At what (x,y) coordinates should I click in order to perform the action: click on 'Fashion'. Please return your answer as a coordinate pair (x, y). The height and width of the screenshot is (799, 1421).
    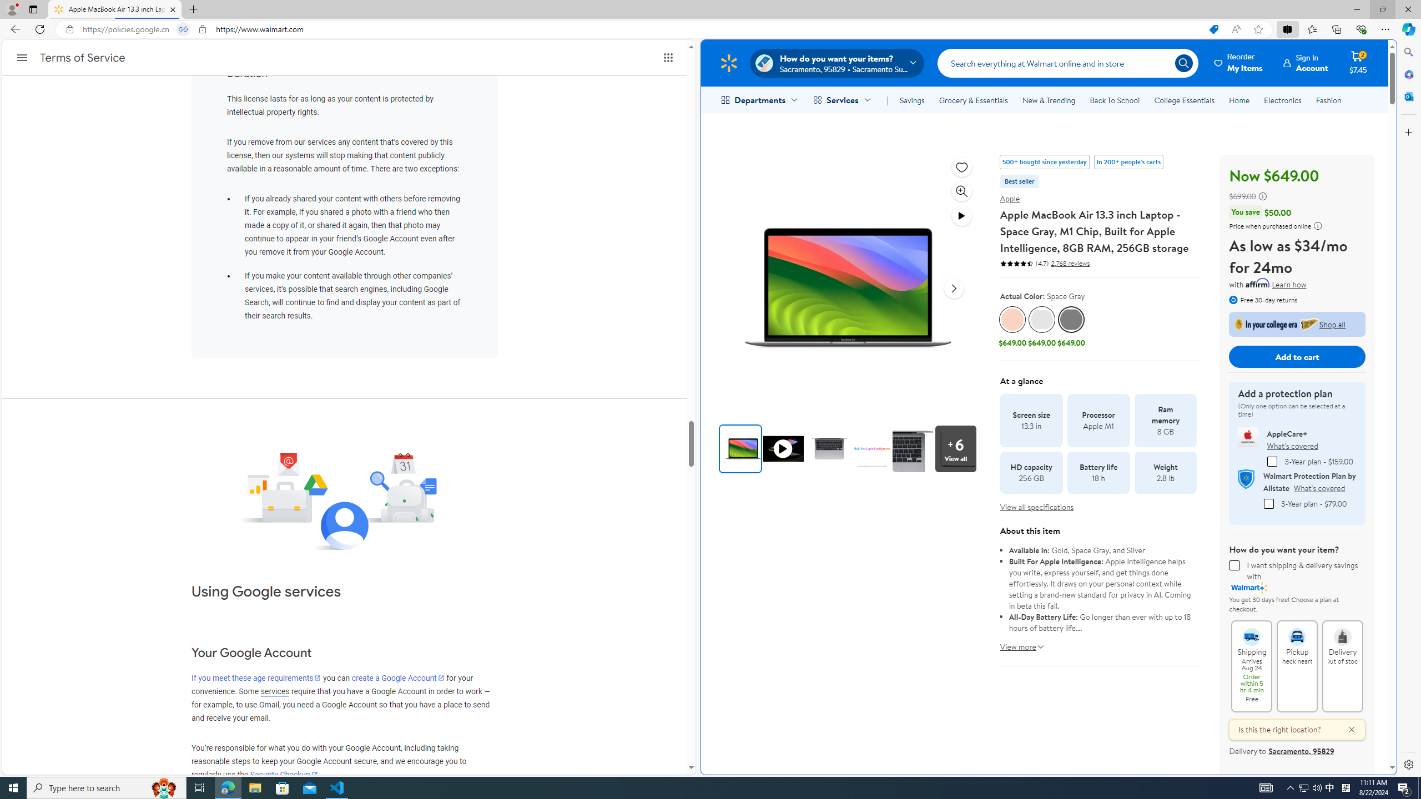
    Looking at the image, I should click on (1328, 100).